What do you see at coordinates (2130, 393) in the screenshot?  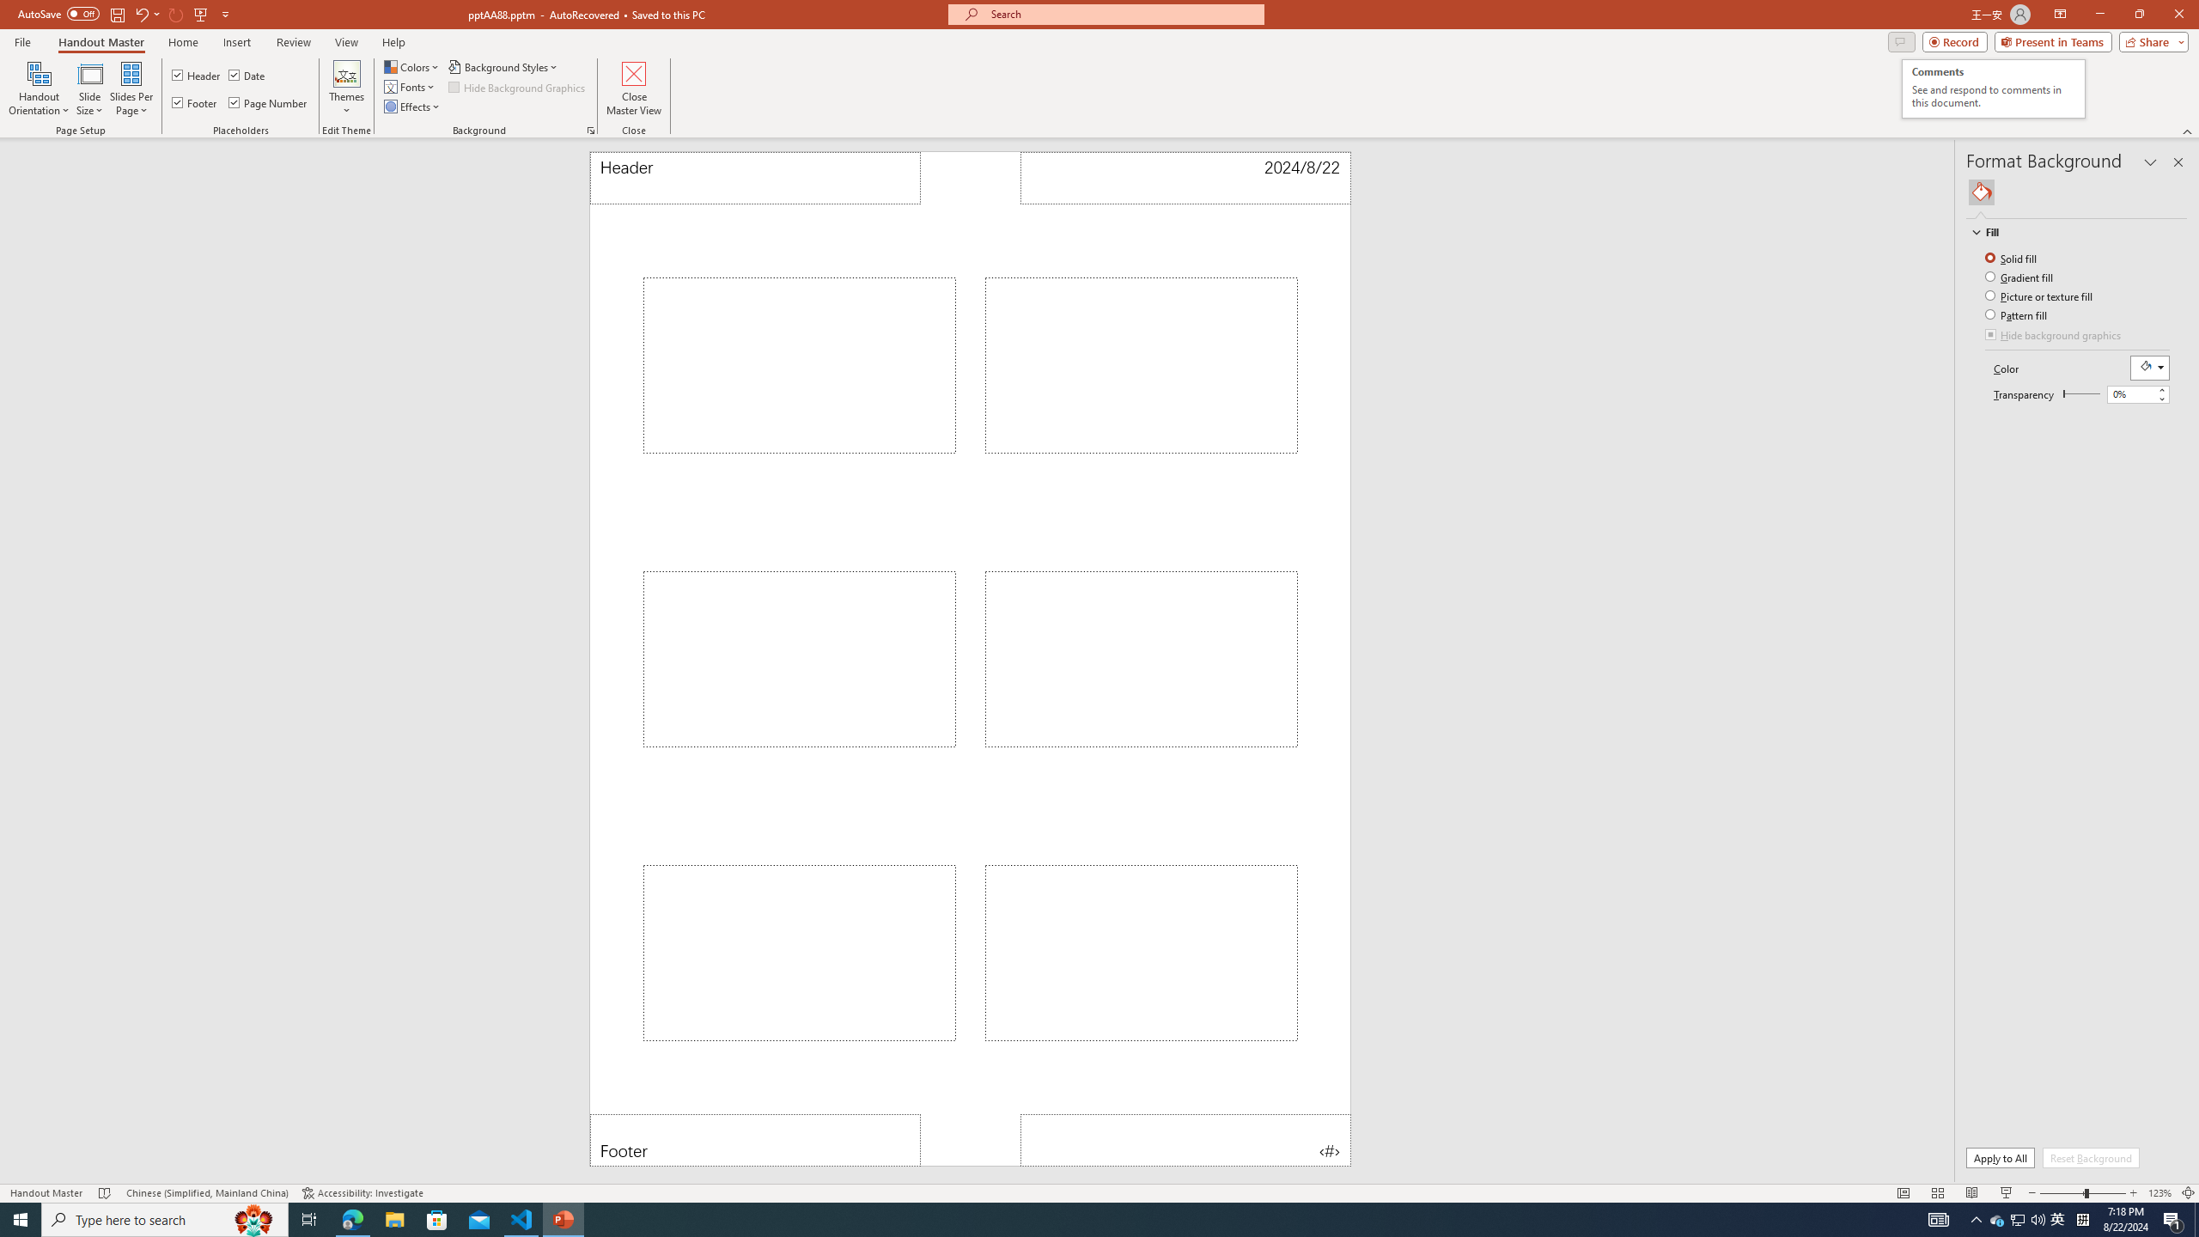 I see `'Transparency'` at bounding box center [2130, 393].